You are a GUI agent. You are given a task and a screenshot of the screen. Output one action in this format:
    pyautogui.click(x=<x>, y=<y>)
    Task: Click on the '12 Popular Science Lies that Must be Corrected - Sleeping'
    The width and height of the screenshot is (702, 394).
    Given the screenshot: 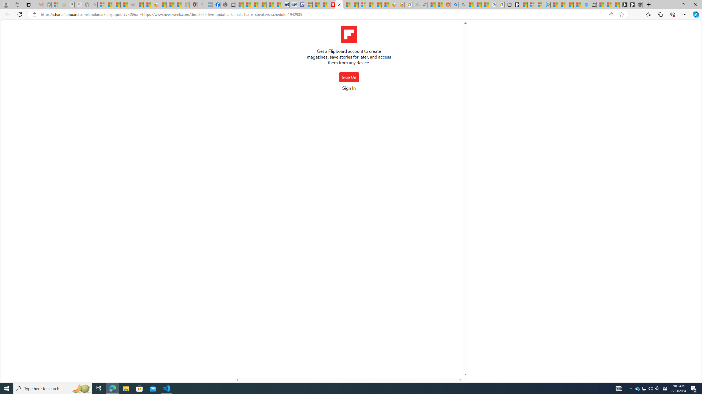 What is the action you would take?
    pyautogui.click(x=185, y=4)
    